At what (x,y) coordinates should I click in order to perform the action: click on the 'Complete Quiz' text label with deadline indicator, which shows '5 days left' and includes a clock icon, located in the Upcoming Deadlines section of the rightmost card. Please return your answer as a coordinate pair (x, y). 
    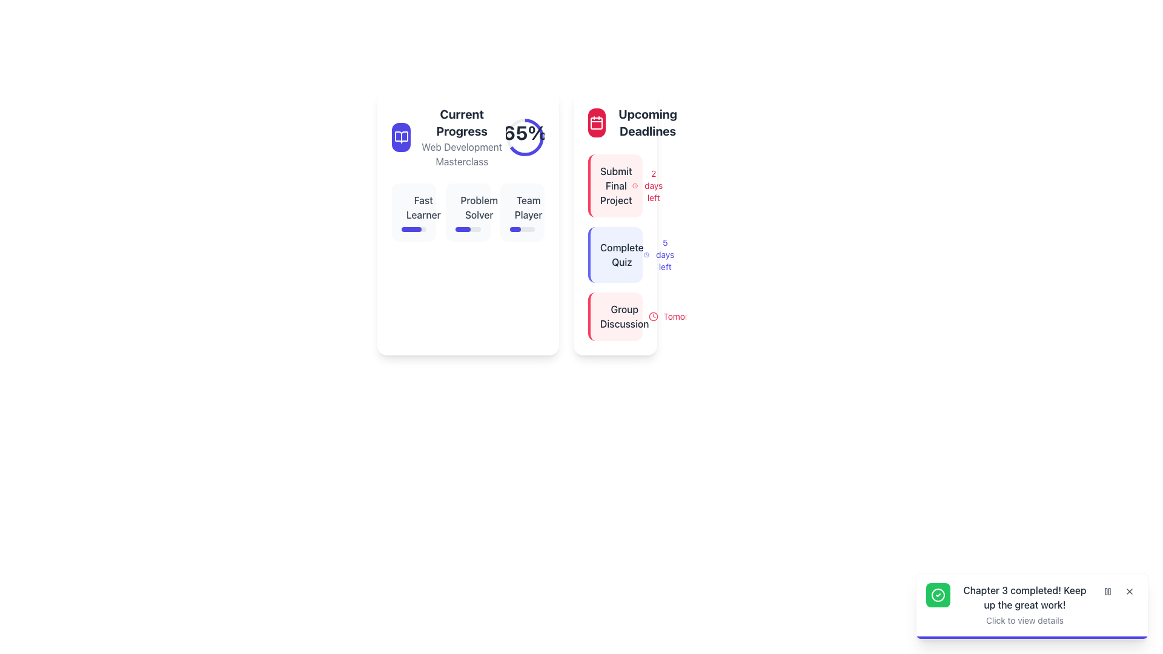
    Looking at the image, I should click on (616, 254).